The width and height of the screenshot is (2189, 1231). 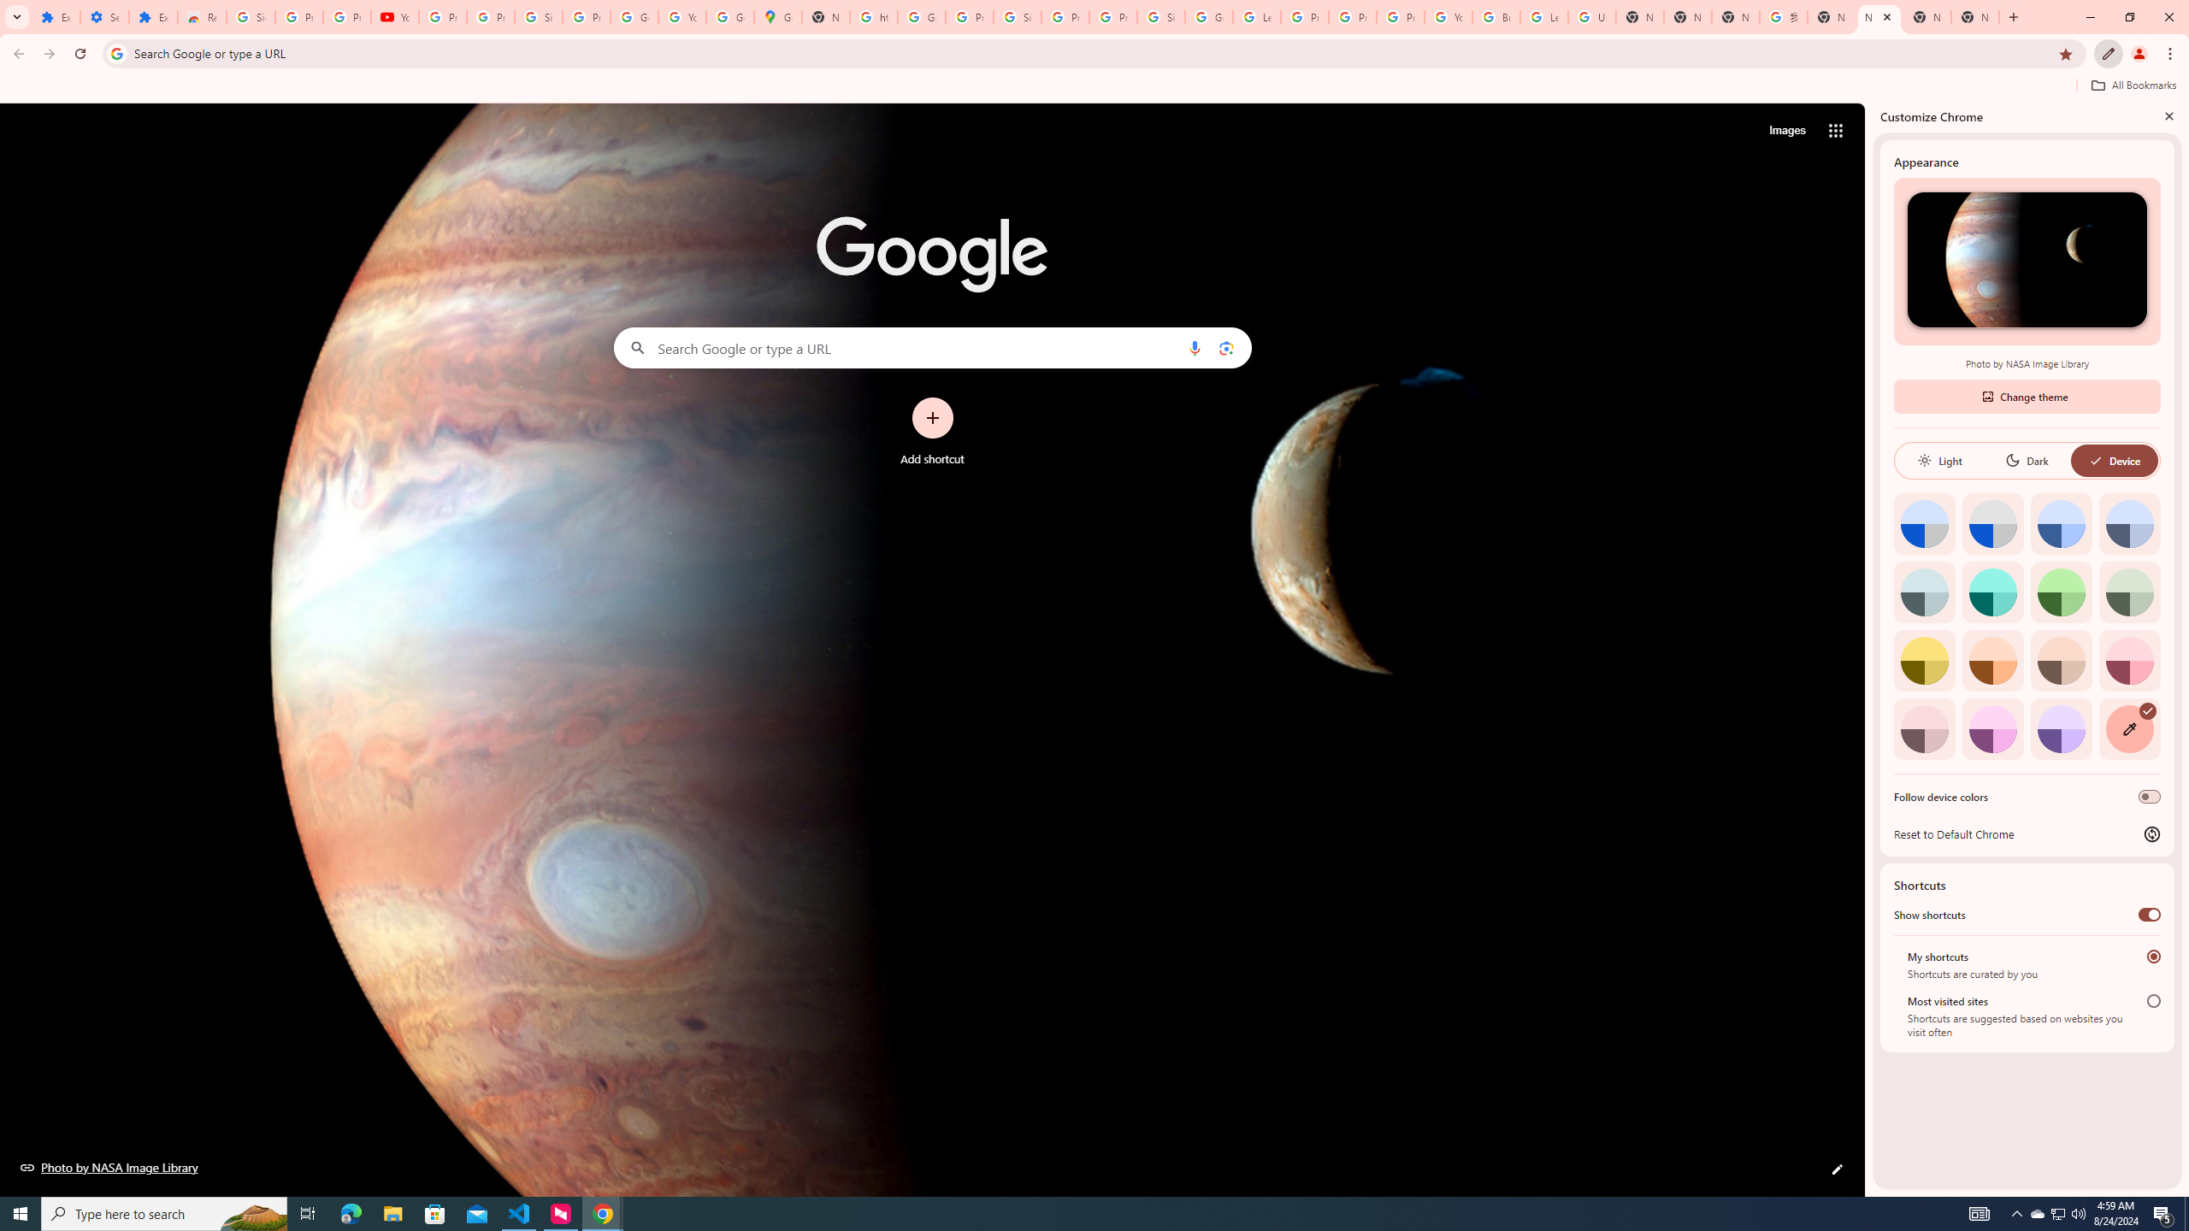 I want to click on 'Violet', so click(x=2061, y=727).